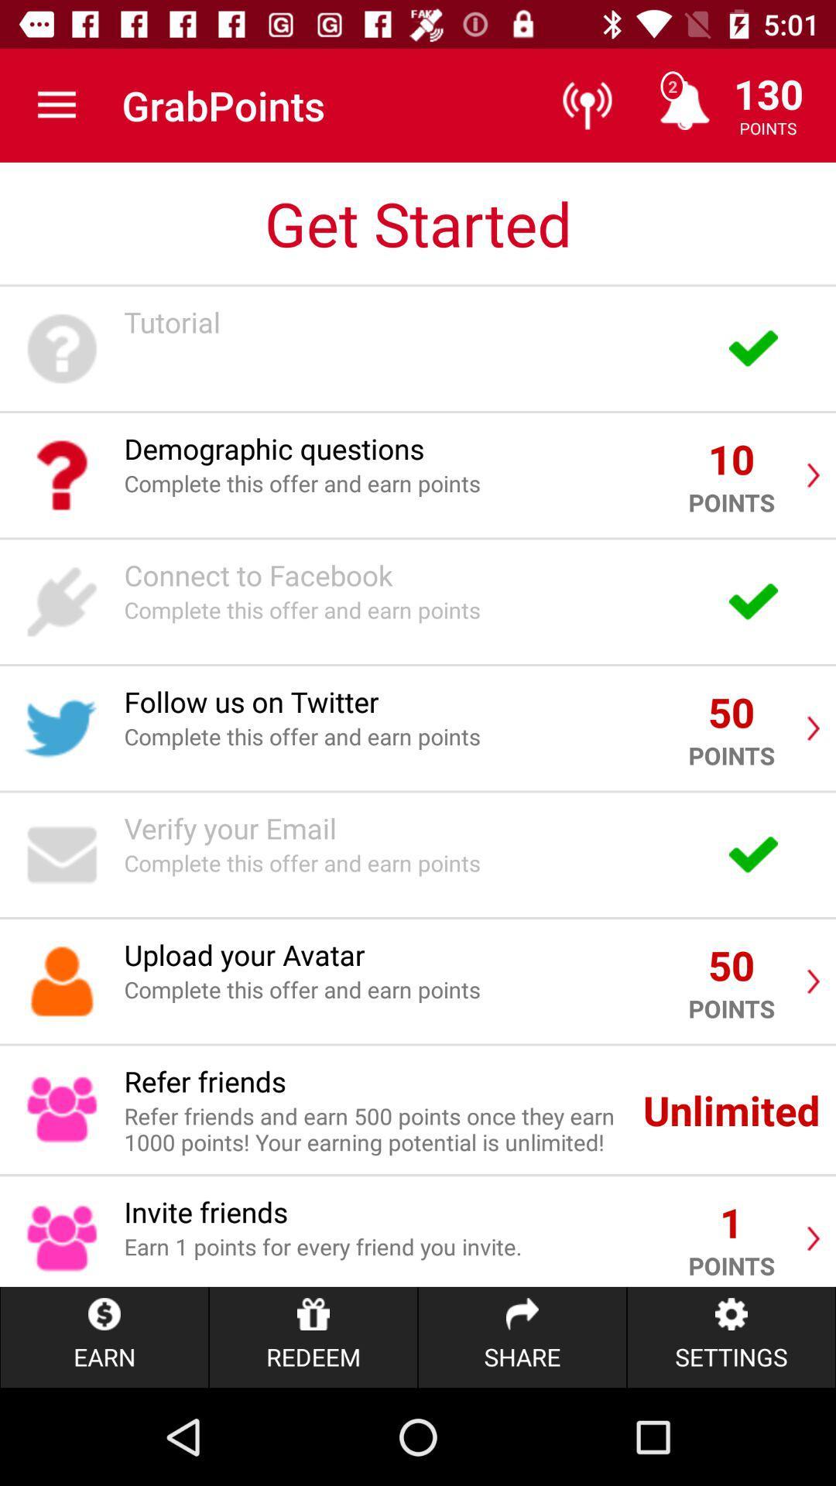 The width and height of the screenshot is (836, 1486). What do you see at coordinates (522, 1337) in the screenshot?
I see `the share` at bounding box center [522, 1337].